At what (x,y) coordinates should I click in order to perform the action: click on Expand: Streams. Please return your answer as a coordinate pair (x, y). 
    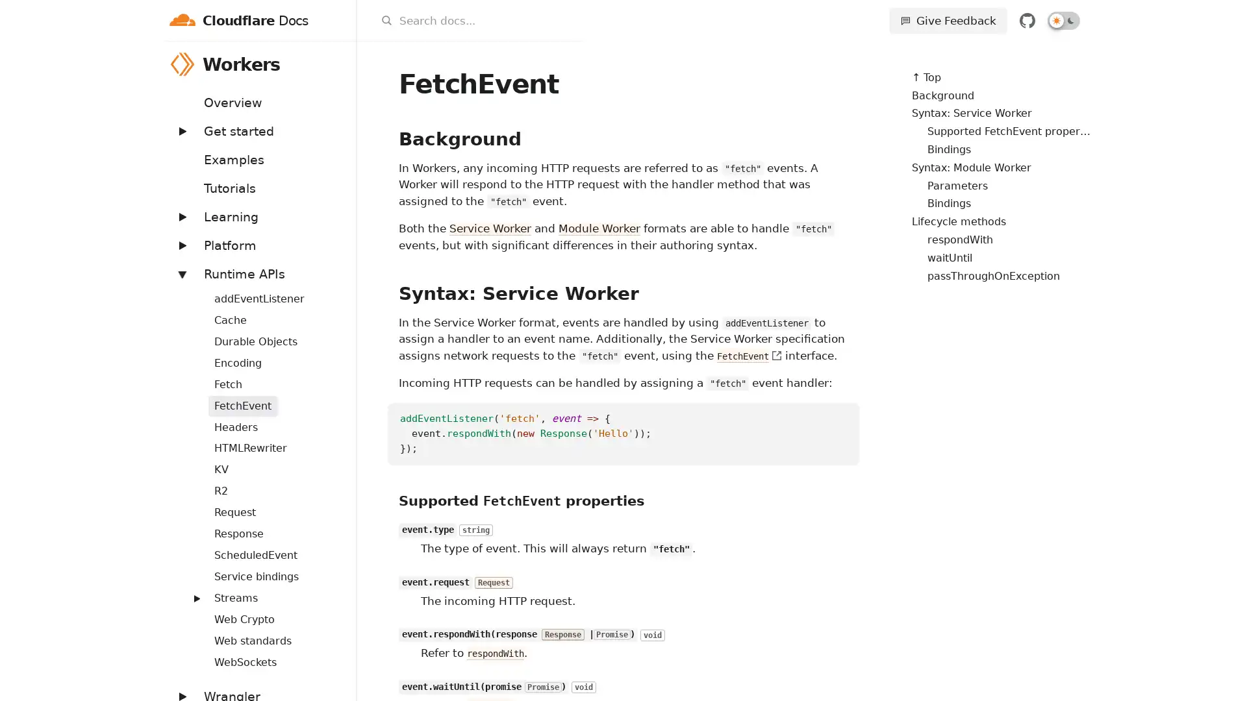
    Looking at the image, I should click on (195, 598).